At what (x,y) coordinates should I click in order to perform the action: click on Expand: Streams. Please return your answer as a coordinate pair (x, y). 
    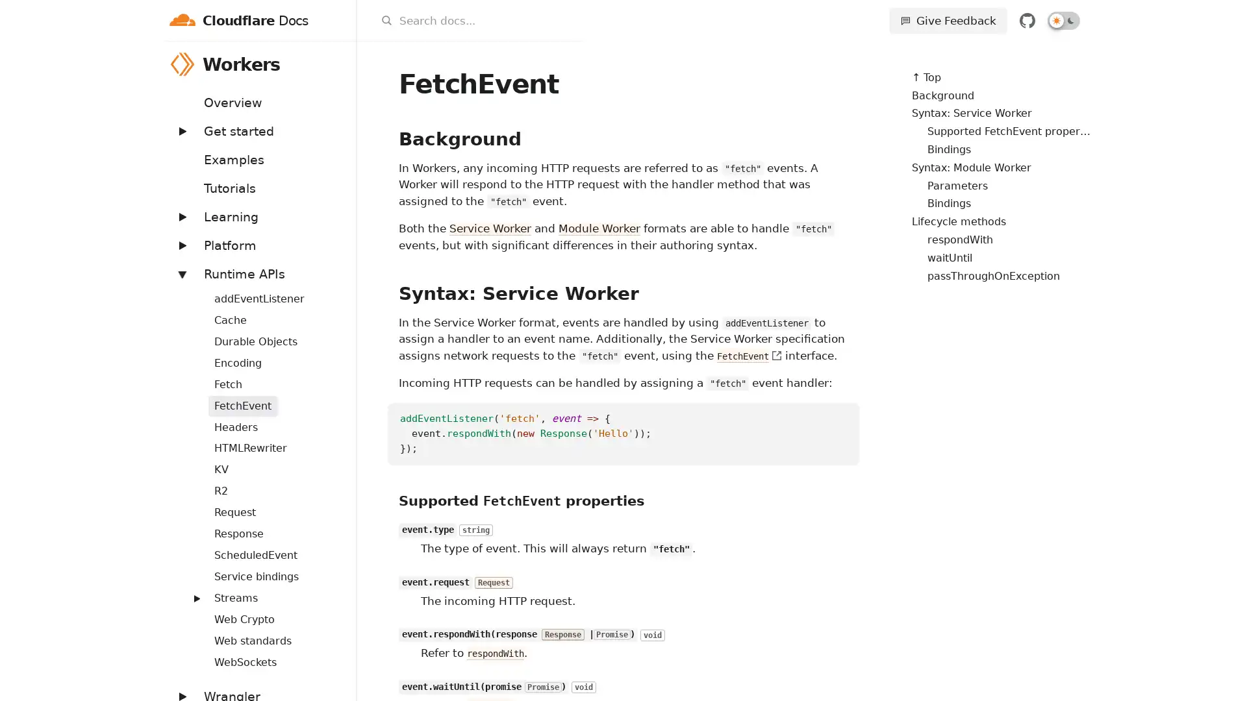
    Looking at the image, I should click on (195, 598).